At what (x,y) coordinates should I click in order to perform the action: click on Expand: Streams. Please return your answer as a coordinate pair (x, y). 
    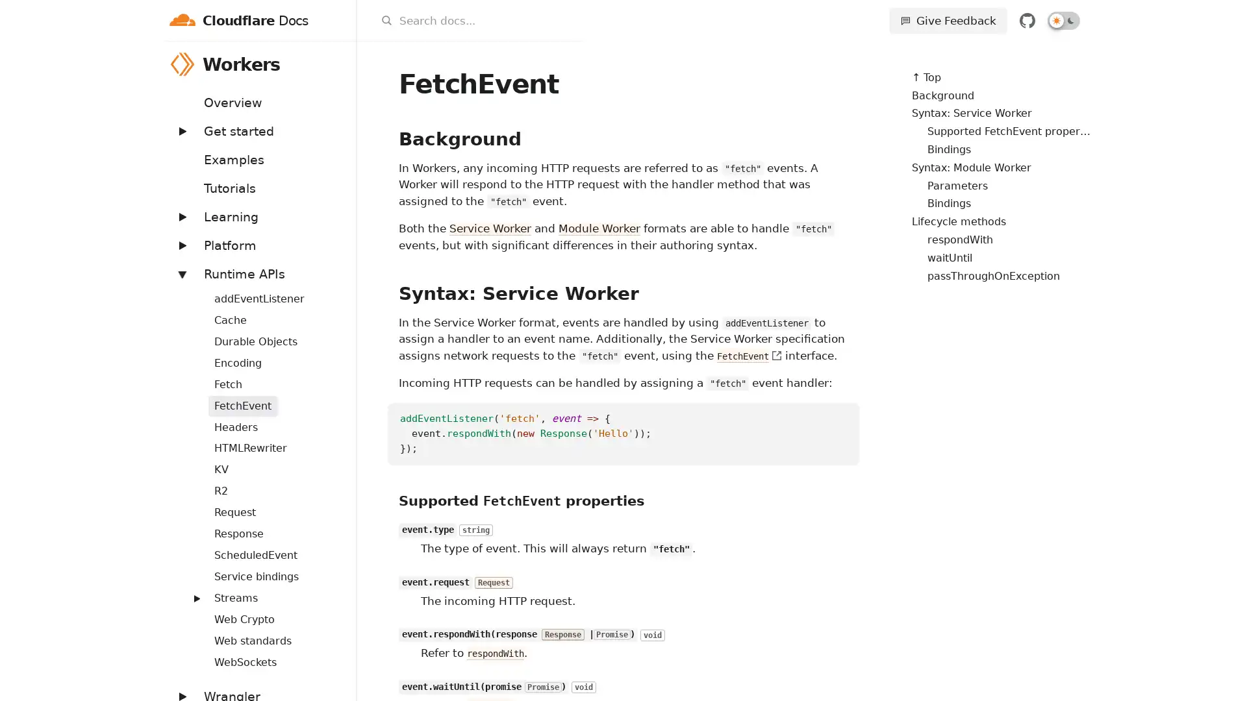
    Looking at the image, I should click on (195, 598).